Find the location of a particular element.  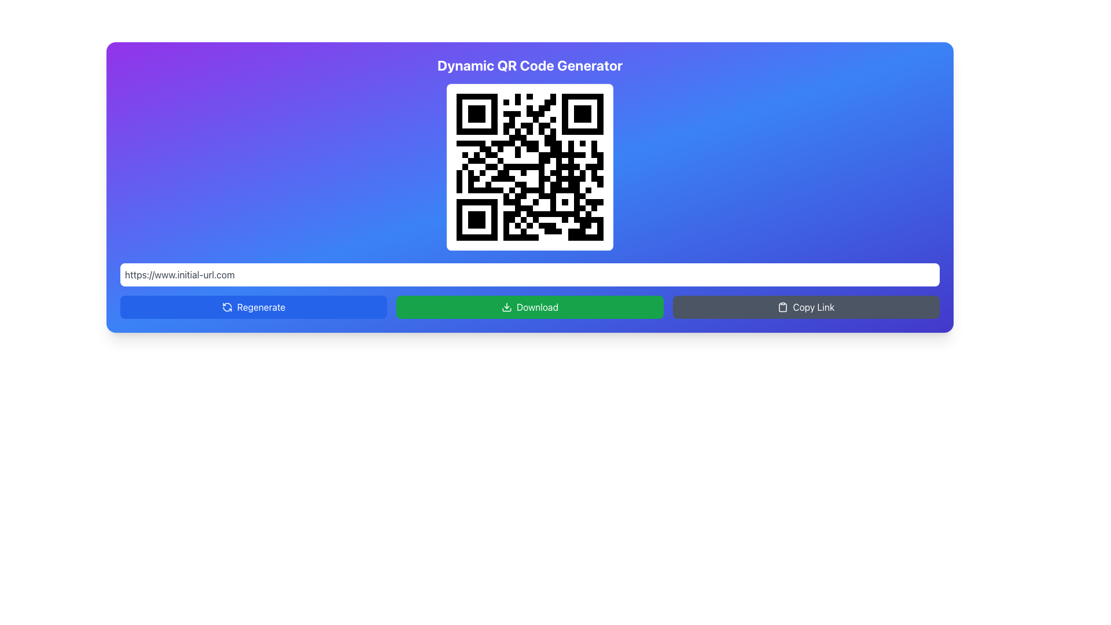

the download button located in the center row of a three-button layout to initiate the download of the QR code file named 'QRCode.png' is located at coordinates (529, 307).